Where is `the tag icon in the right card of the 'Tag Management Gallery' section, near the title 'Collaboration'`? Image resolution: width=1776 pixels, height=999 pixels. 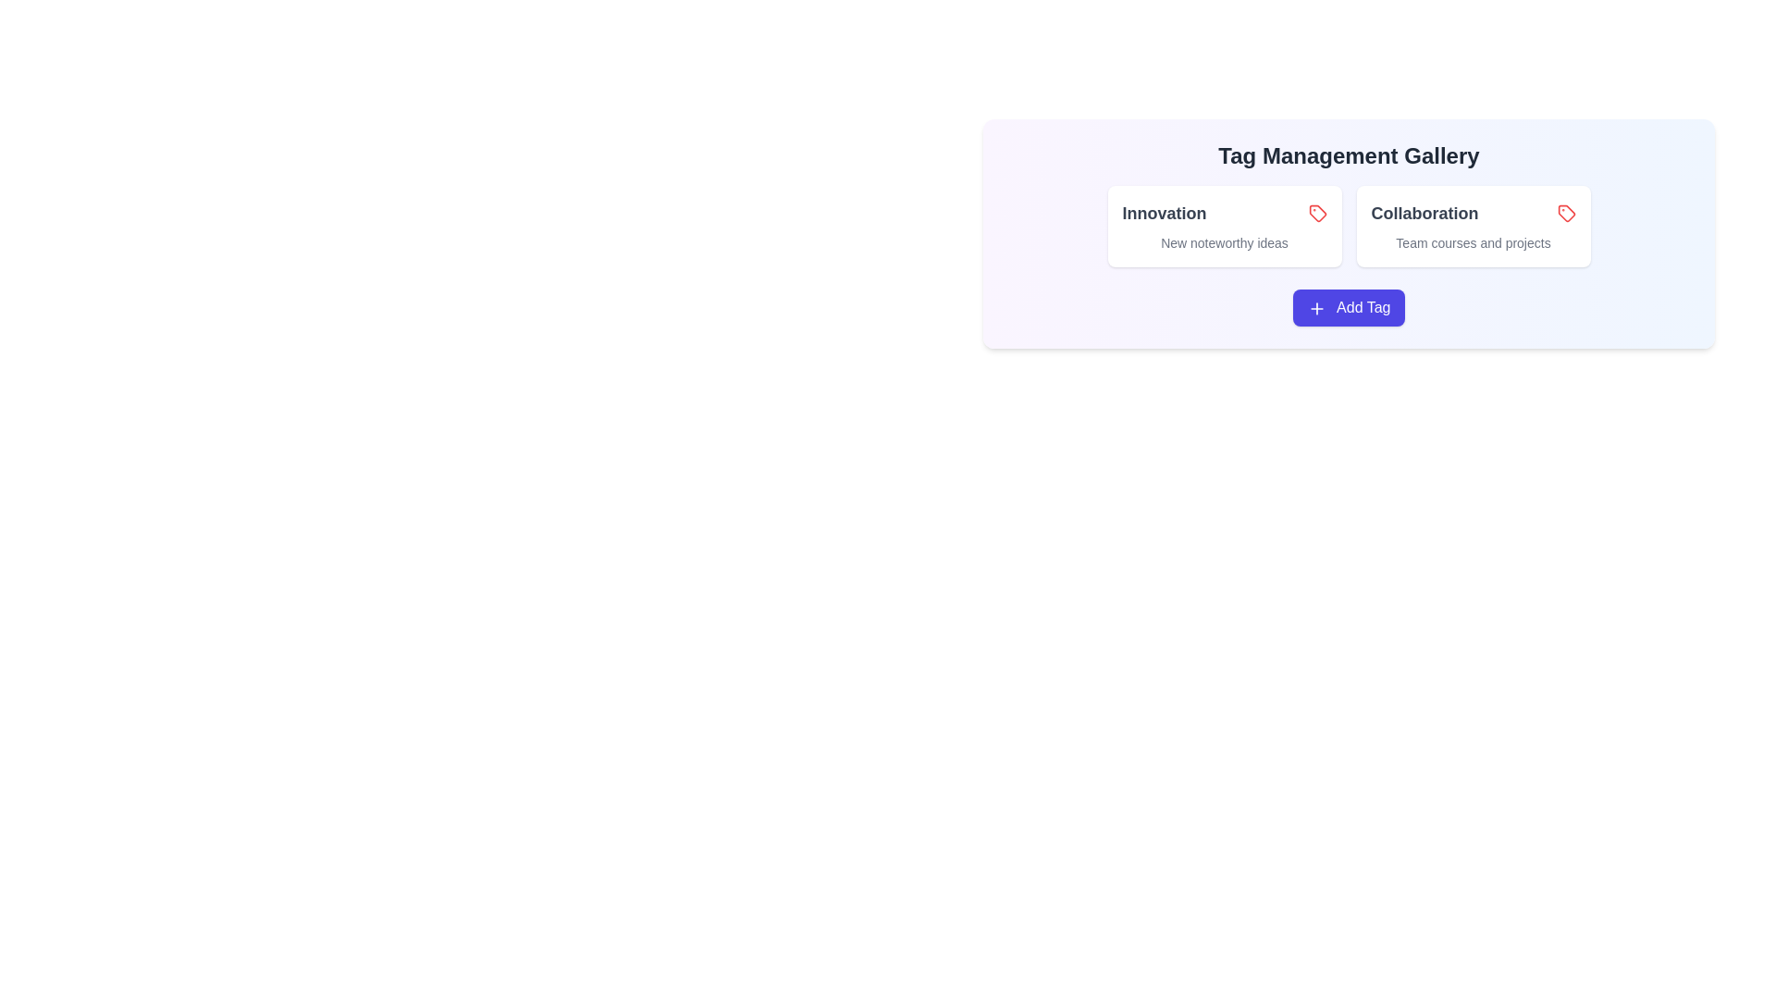 the tag icon in the right card of the 'Tag Management Gallery' section, near the title 'Collaboration' is located at coordinates (1565, 213).